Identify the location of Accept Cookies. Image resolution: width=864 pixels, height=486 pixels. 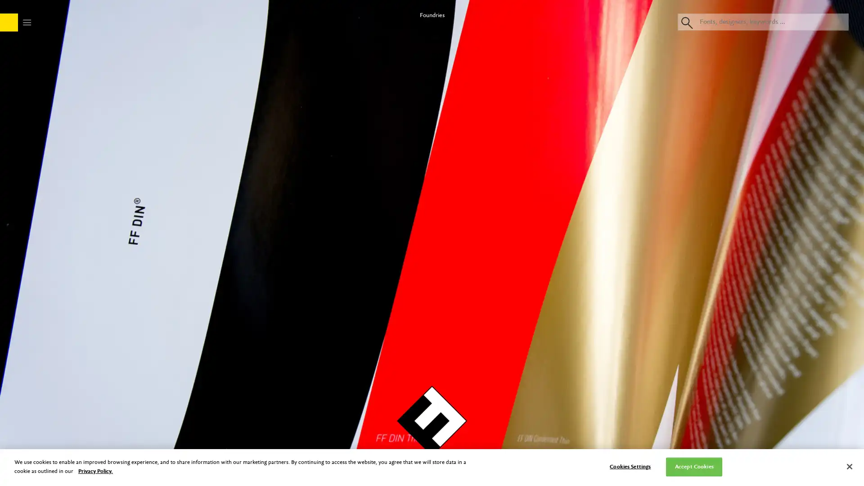
(693, 466).